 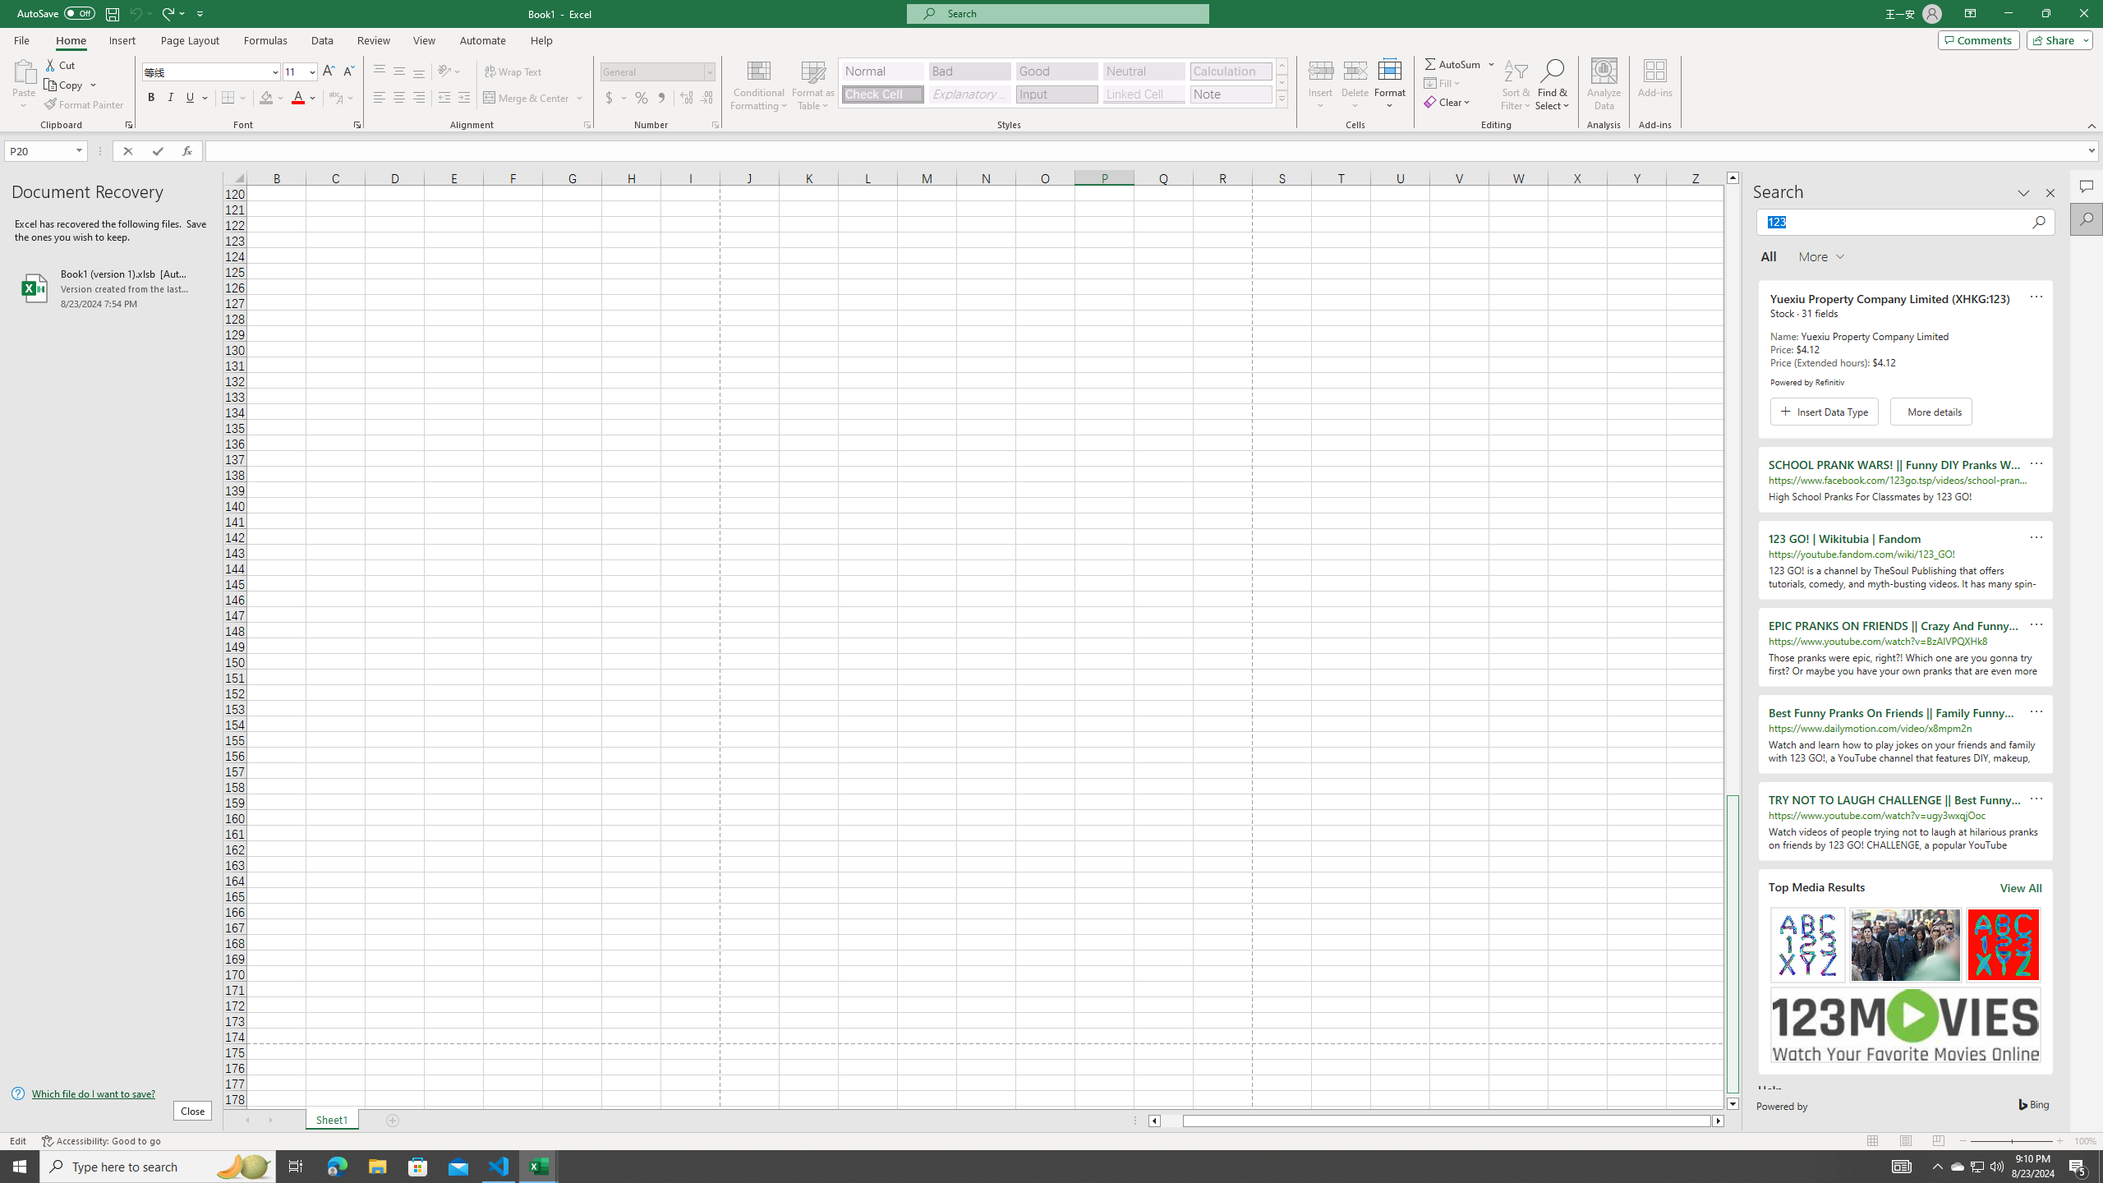 What do you see at coordinates (616, 97) in the screenshot?
I see `'Accounting Number Format'` at bounding box center [616, 97].